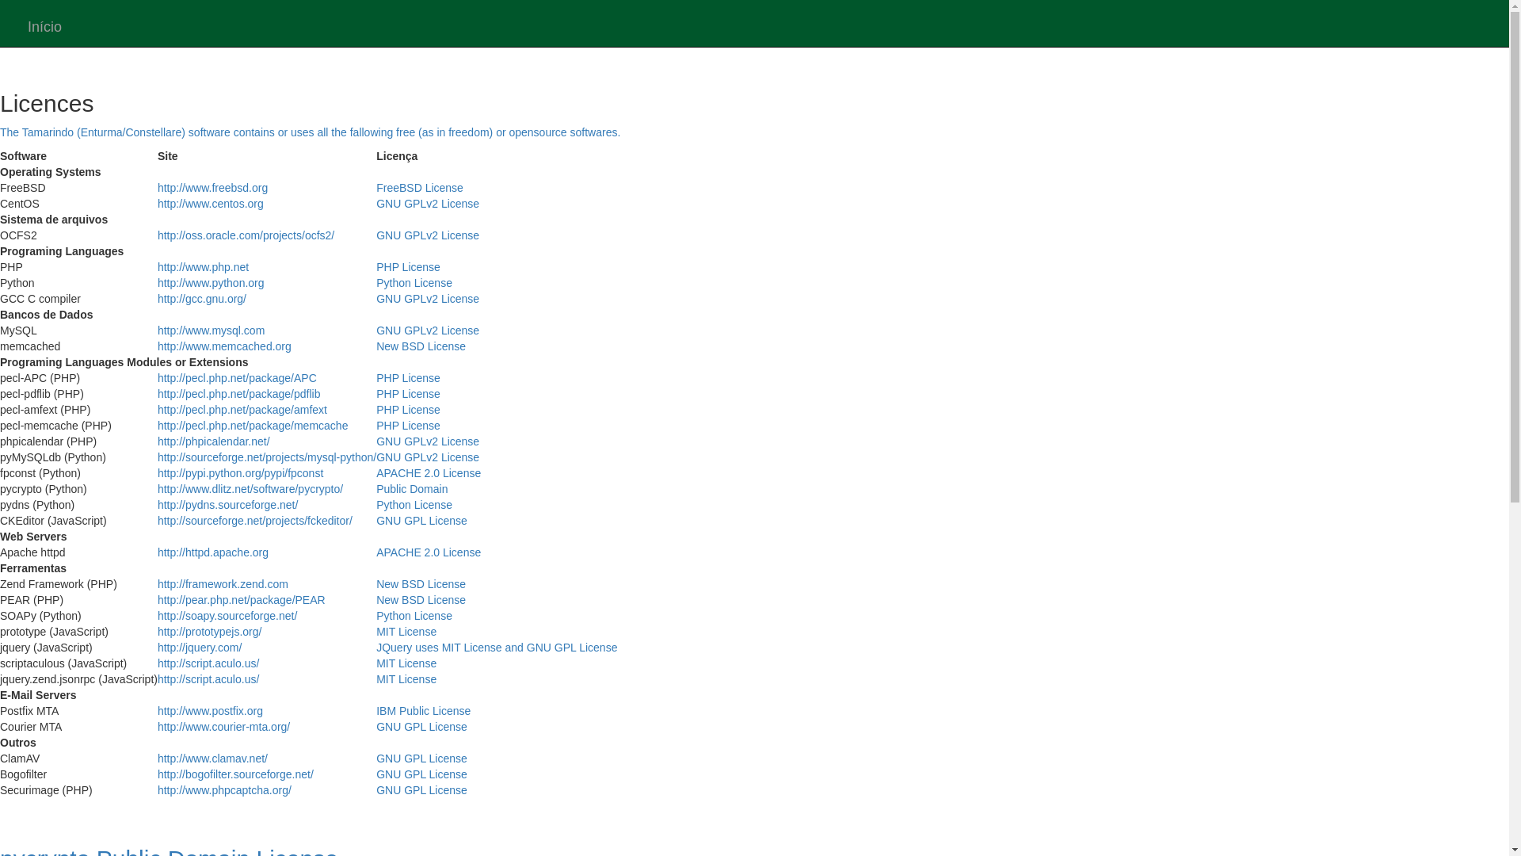  What do you see at coordinates (375, 266) in the screenshot?
I see `'PHP License'` at bounding box center [375, 266].